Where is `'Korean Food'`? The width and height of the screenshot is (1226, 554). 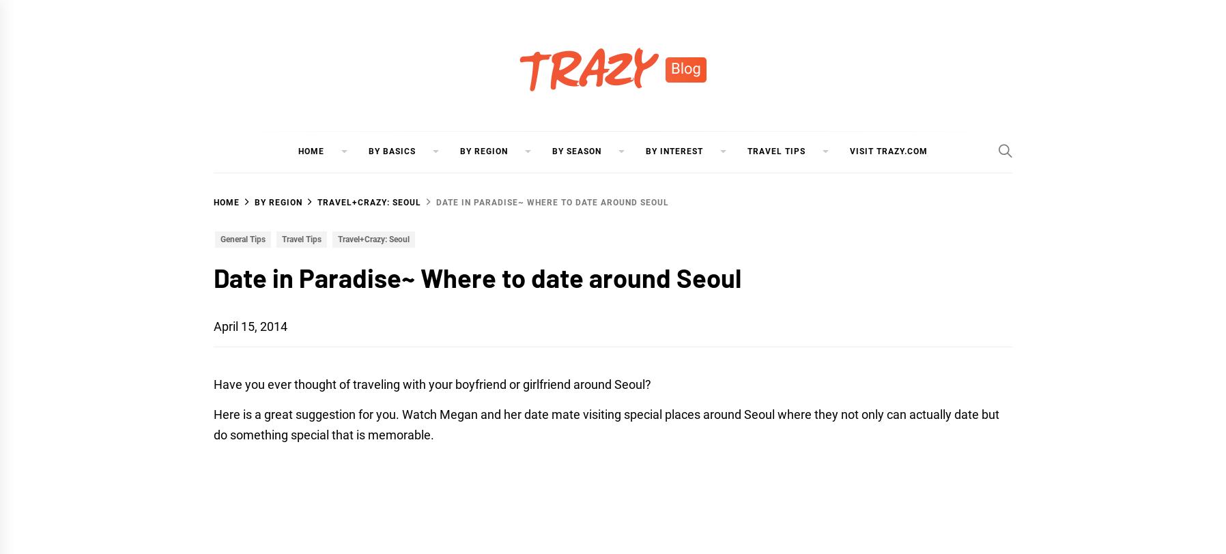 'Korean Food' is located at coordinates (677, 266).